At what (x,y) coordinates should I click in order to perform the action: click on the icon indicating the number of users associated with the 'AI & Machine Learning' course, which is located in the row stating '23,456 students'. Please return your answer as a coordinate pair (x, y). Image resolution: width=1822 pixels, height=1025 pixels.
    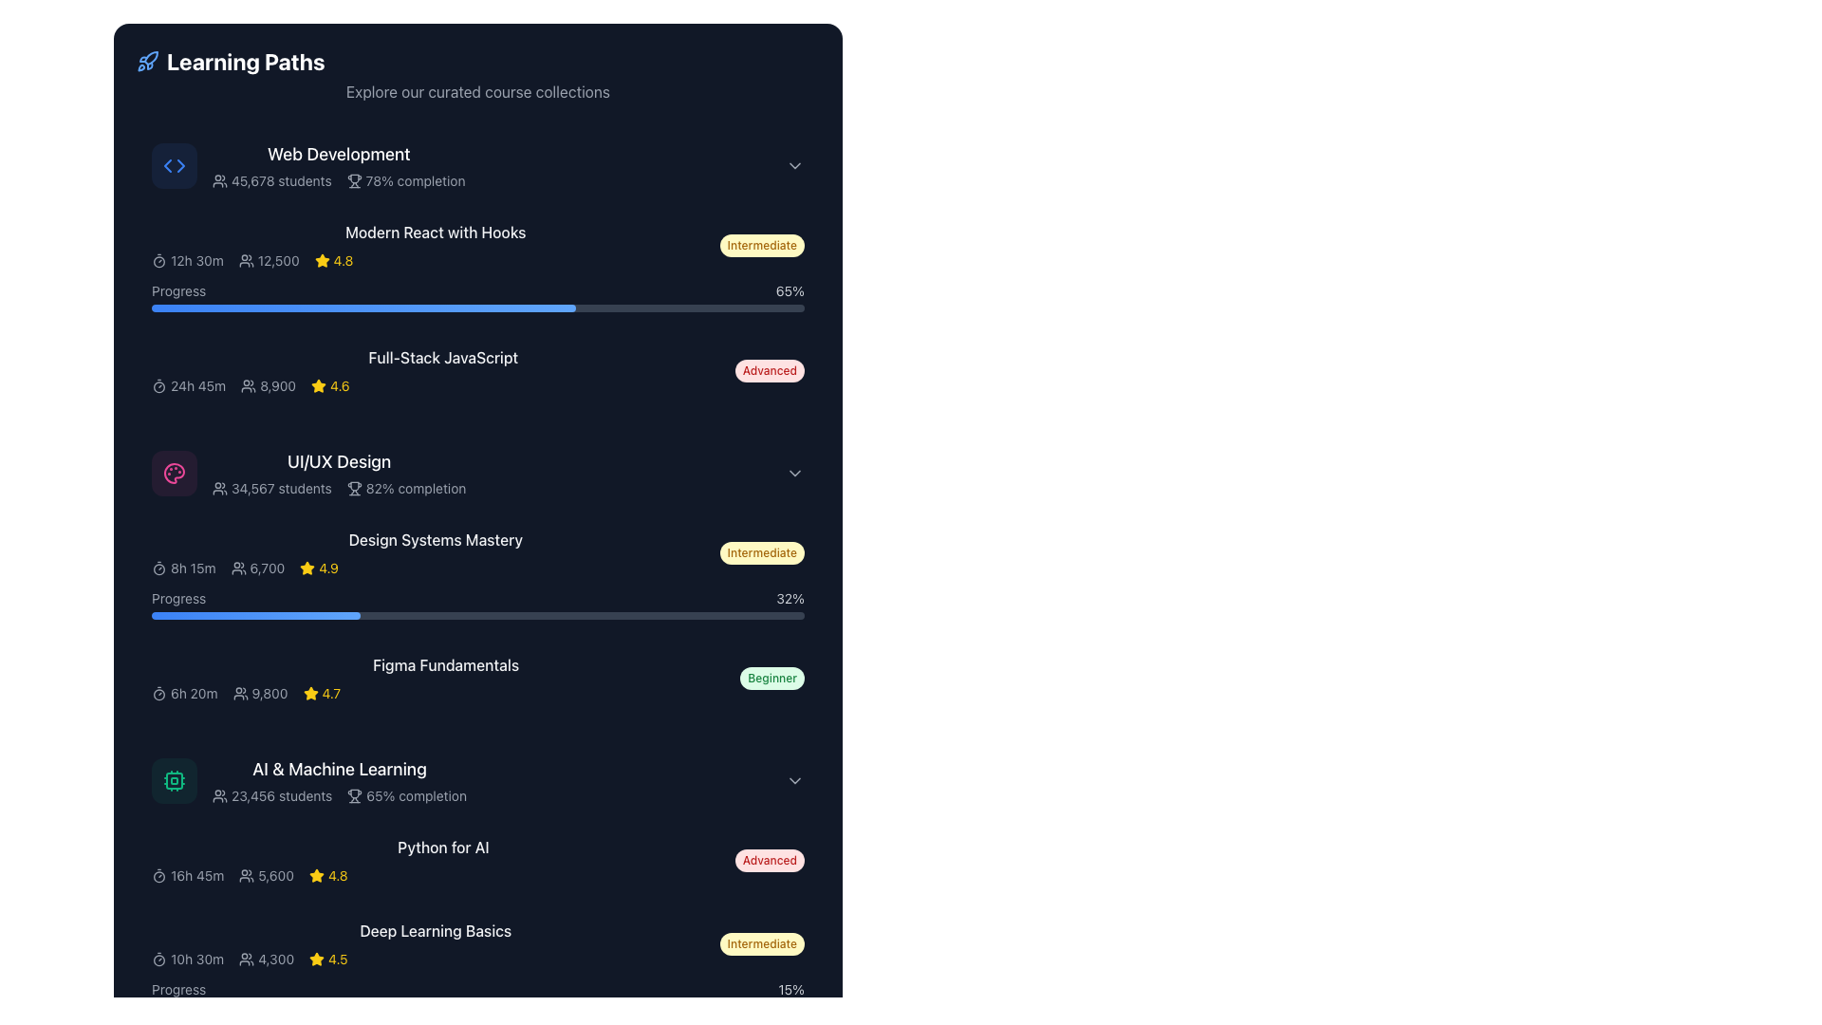
    Looking at the image, I should click on (219, 796).